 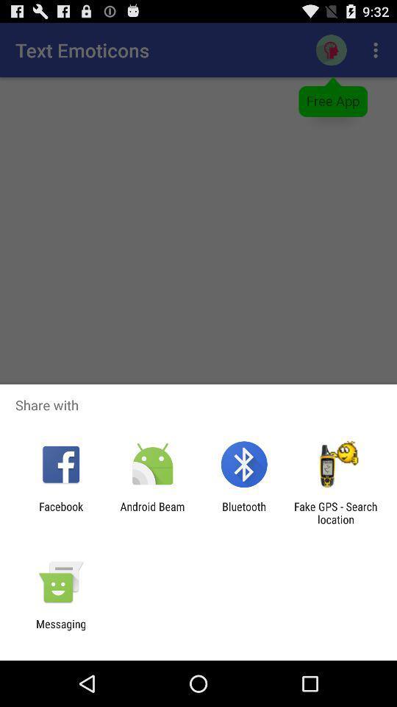 I want to click on the android beam, so click(x=151, y=513).